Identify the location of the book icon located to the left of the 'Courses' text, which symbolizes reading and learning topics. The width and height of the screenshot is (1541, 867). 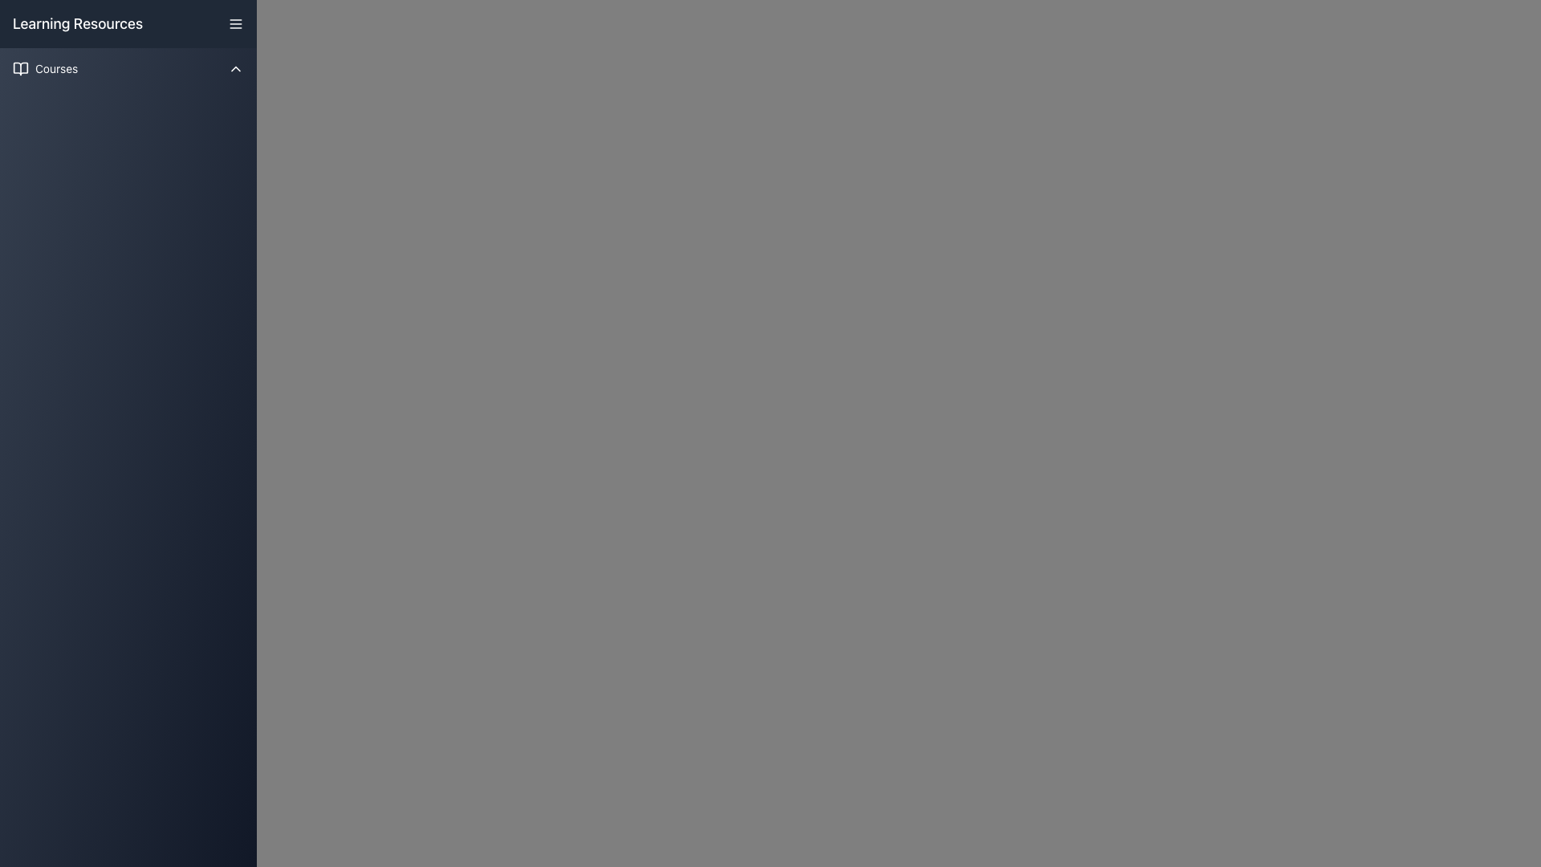
(20, 67).